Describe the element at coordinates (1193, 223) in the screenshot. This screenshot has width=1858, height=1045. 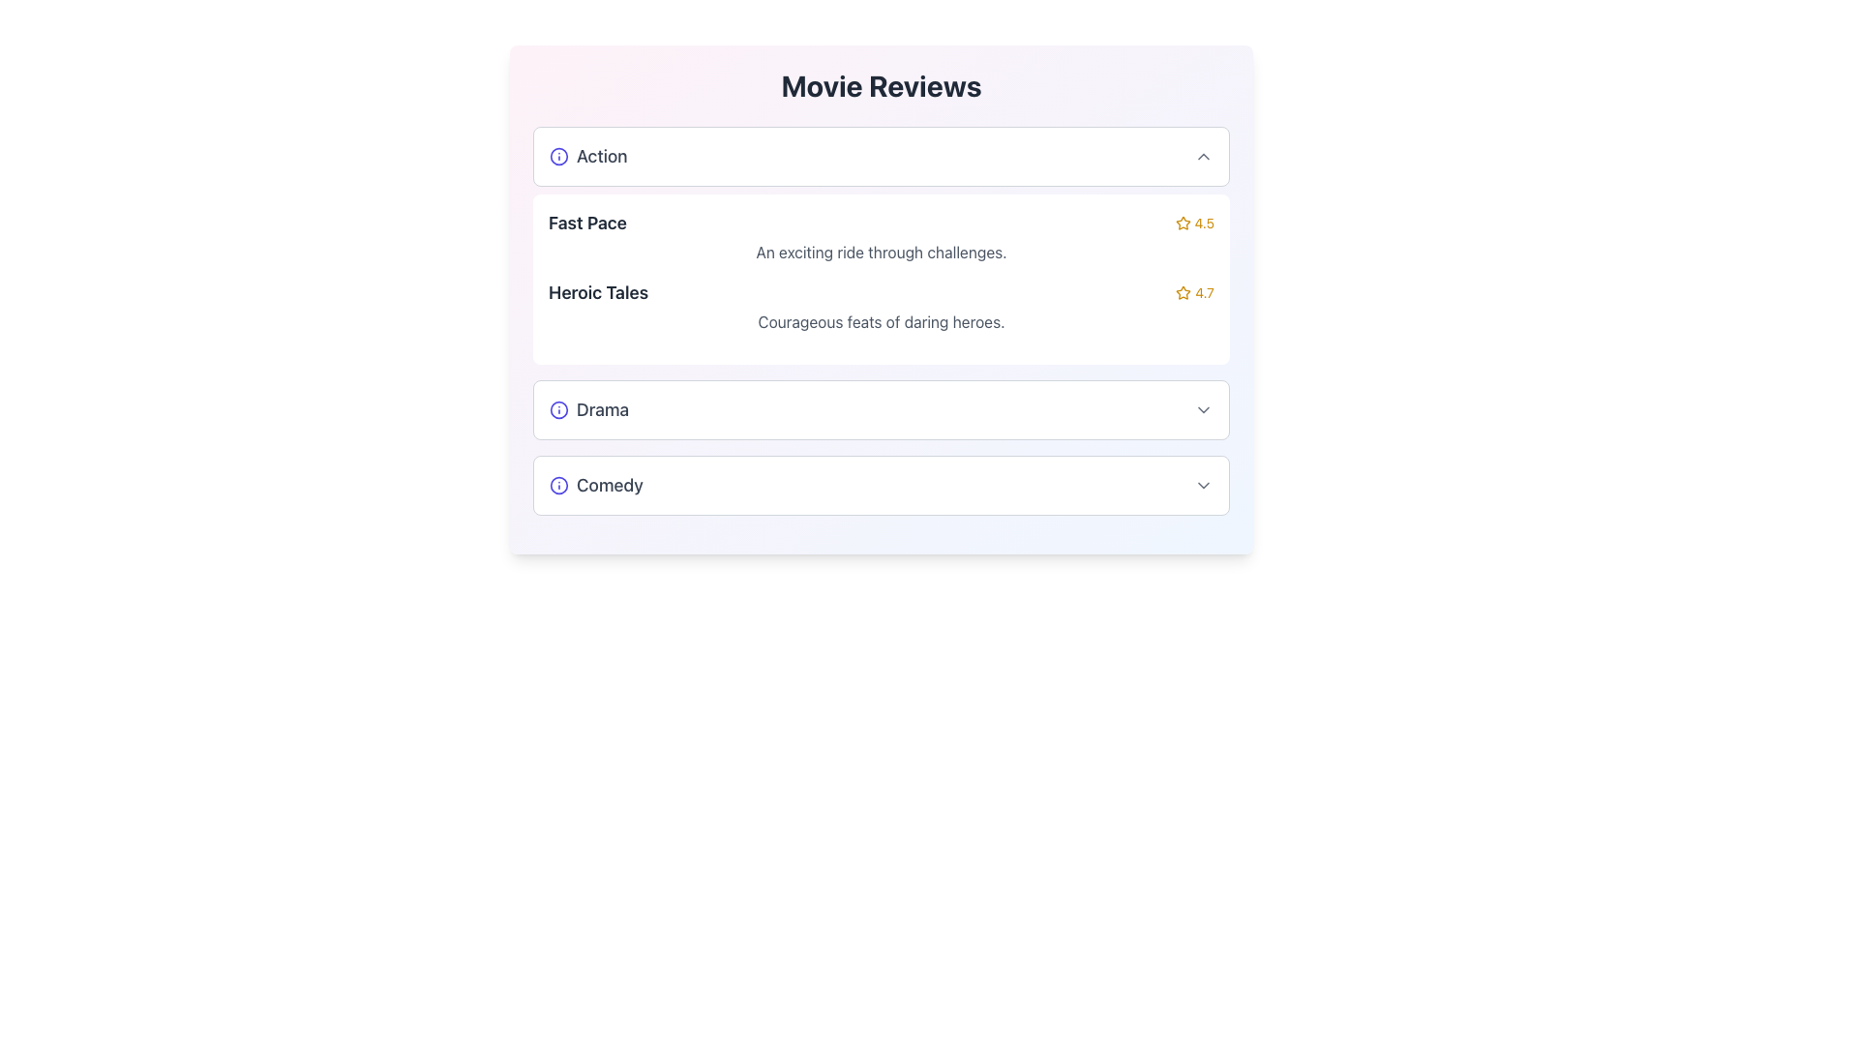
I see `the text label displaying the rating '4.5', which is styled with a small font size and yellow color, located to the right of 'Fast Pace' and aligned with a star icon` at that location.